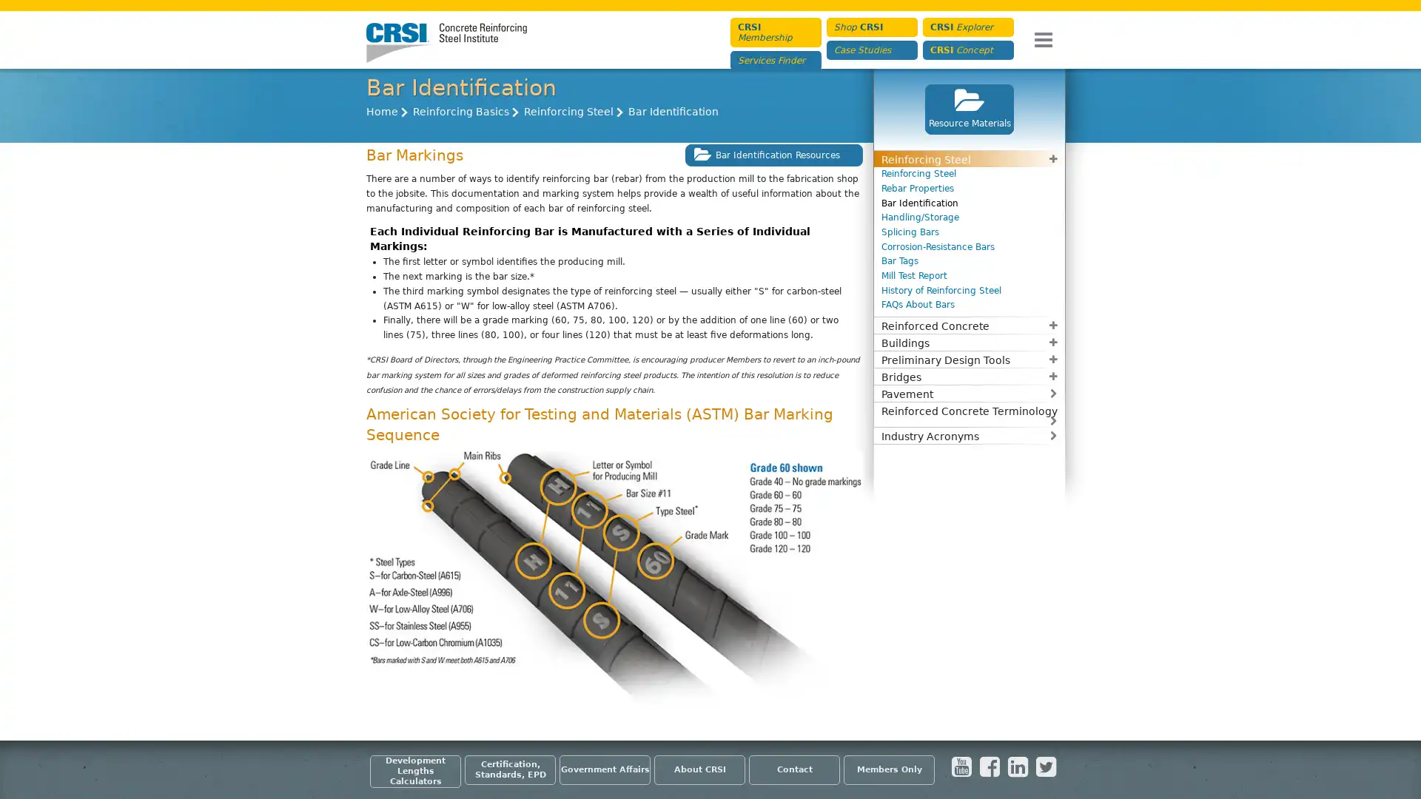 The width and height of the screenshot is (1421, 799). I want to click on CRSI Explorer, so click(968, 27).